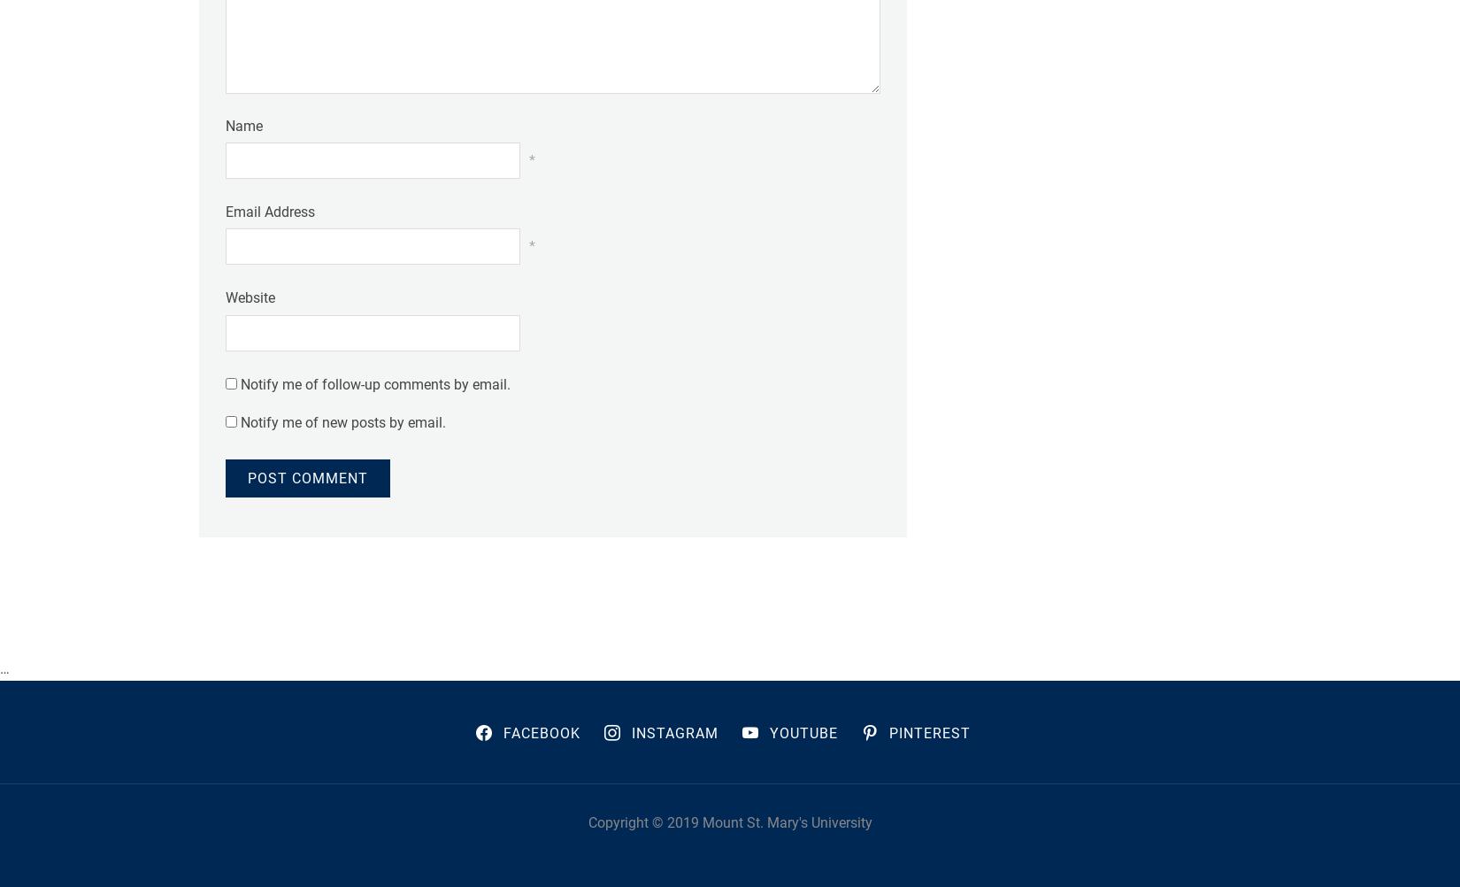 This screenshot has width=1460, height=887. Describe the element at coordinates (728, 821) in the screenshot. I see `'Copyright © 2019 Mount St. Mary's University'` at that location.